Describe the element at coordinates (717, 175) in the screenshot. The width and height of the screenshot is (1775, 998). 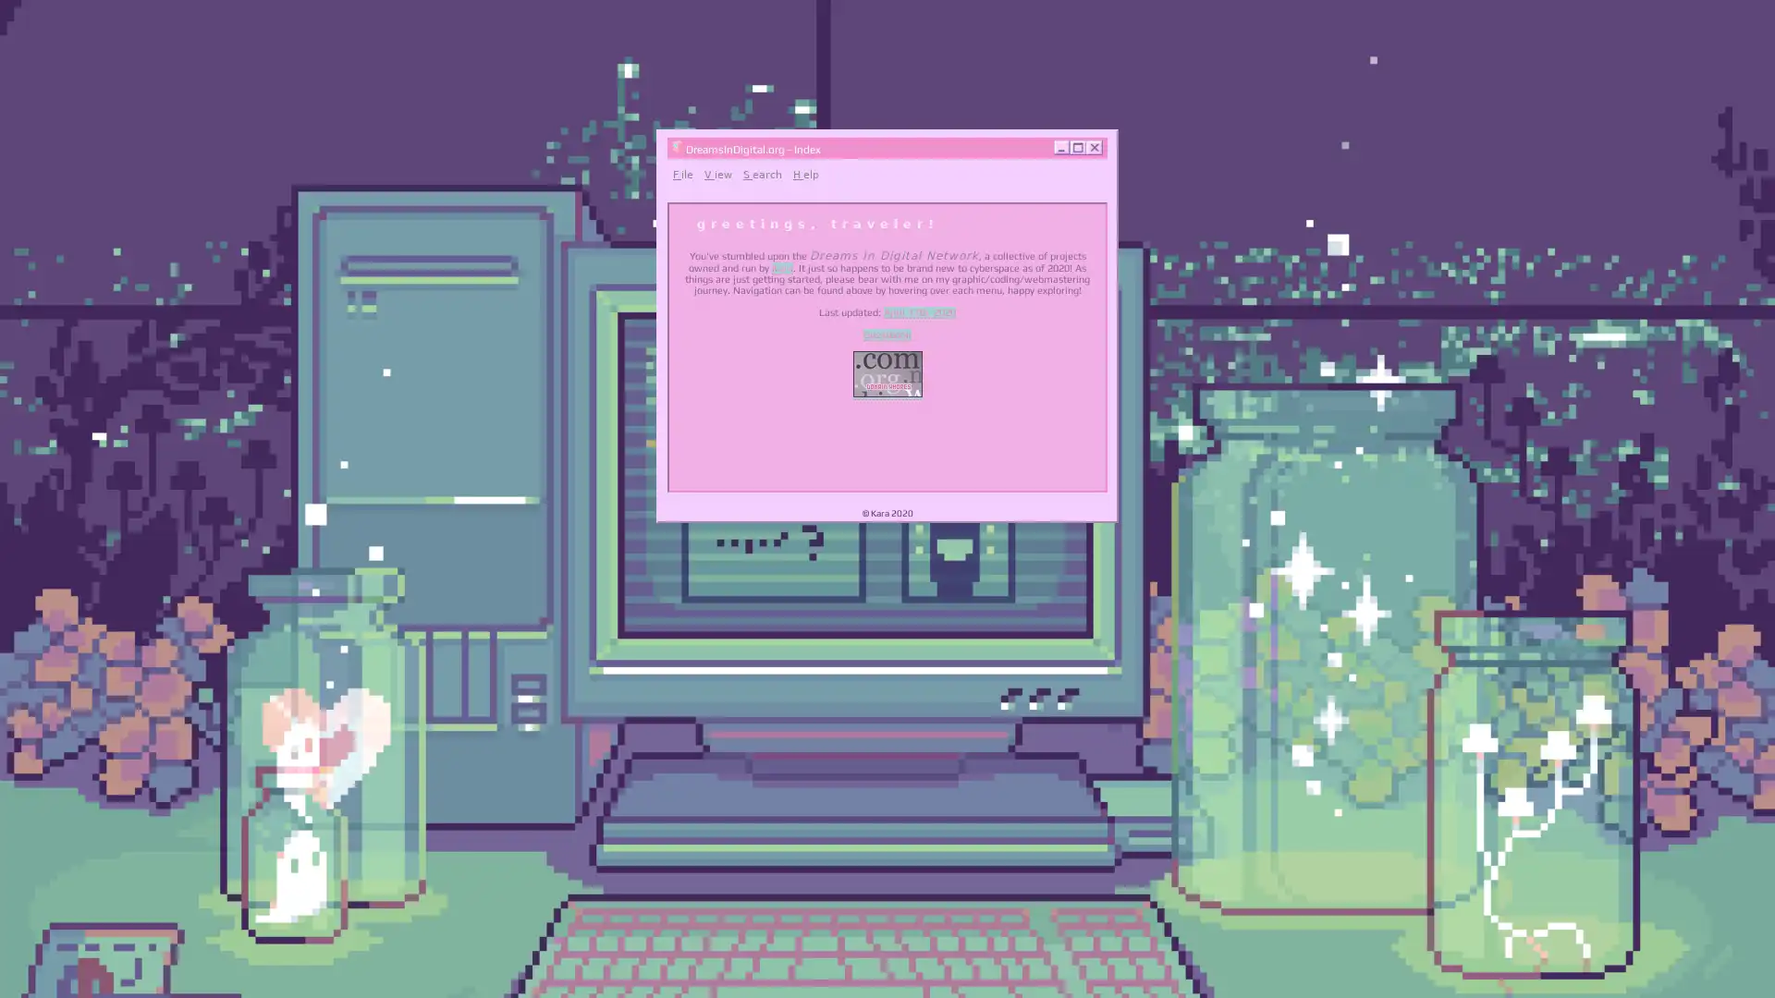
I see `View` at that location.